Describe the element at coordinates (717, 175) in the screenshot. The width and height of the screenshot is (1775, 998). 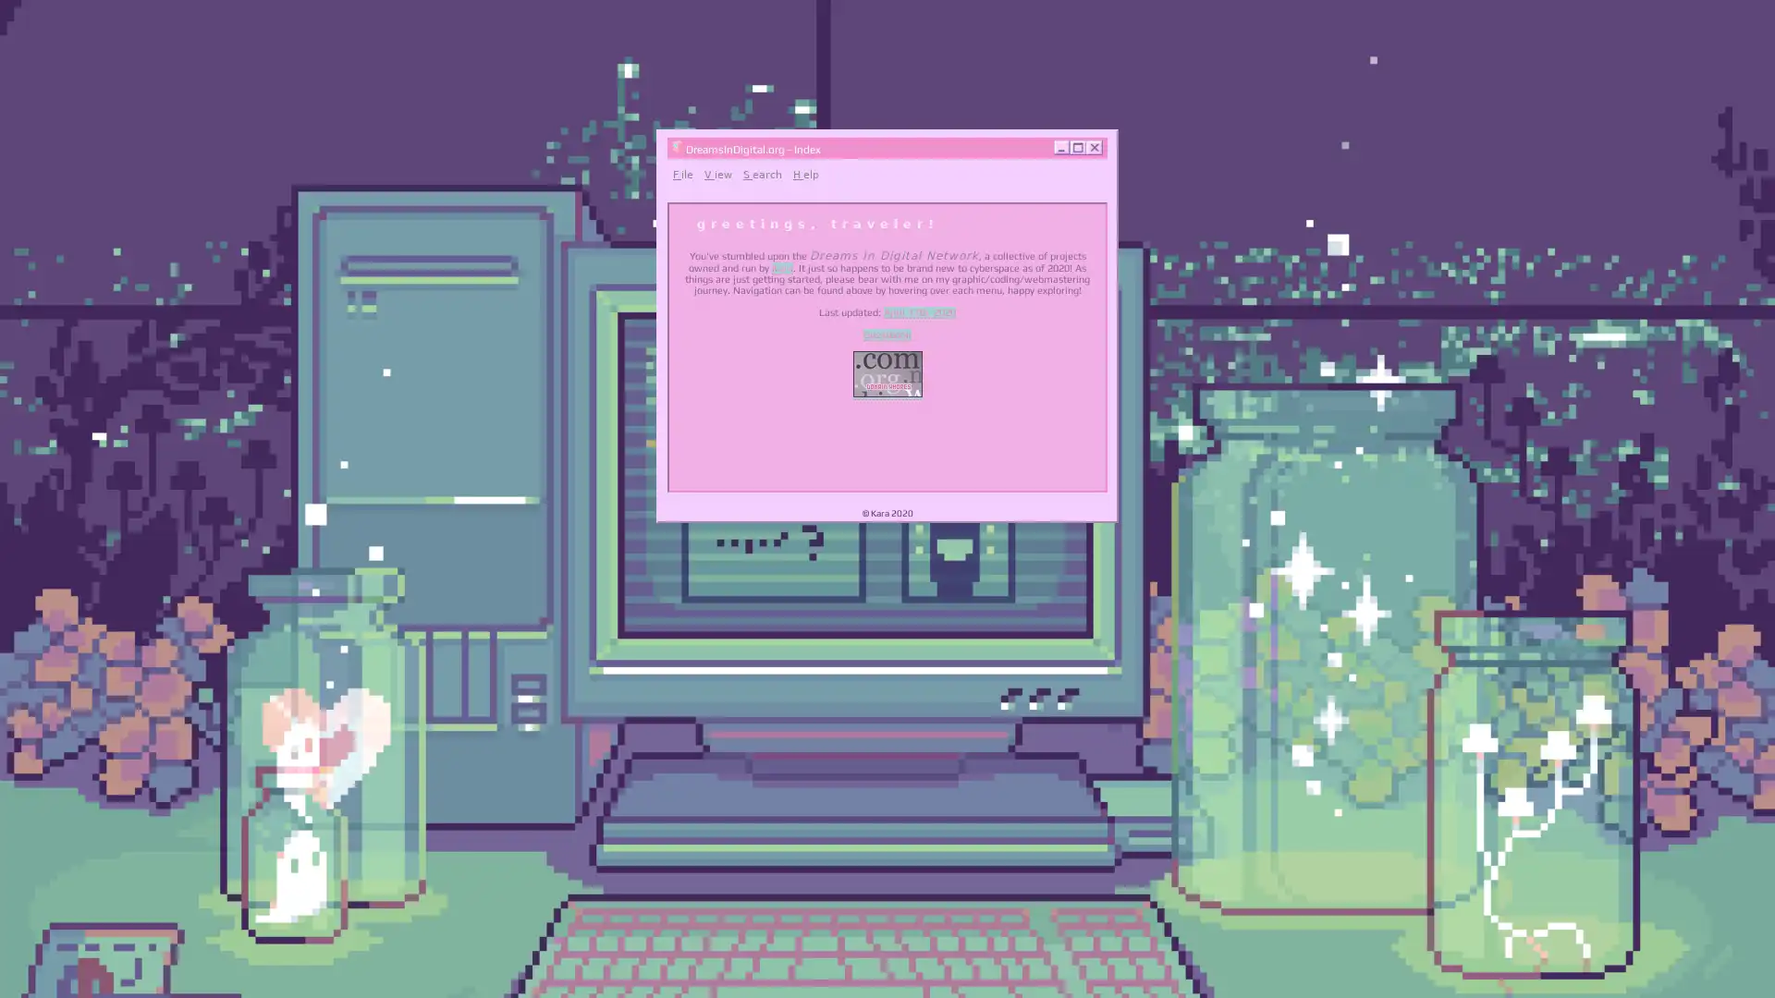
I see `View` at that location.